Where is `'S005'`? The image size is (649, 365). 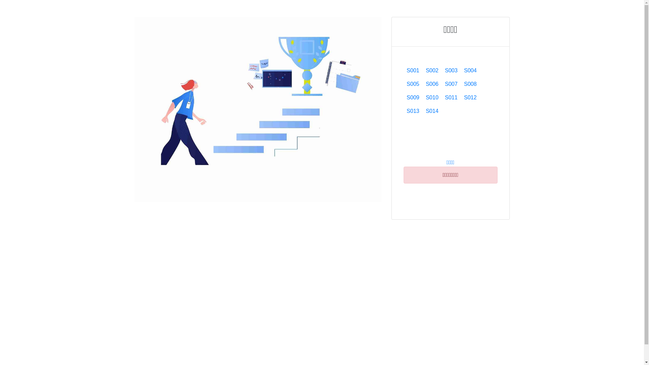
'S005' is located at coordinates (404, 84).